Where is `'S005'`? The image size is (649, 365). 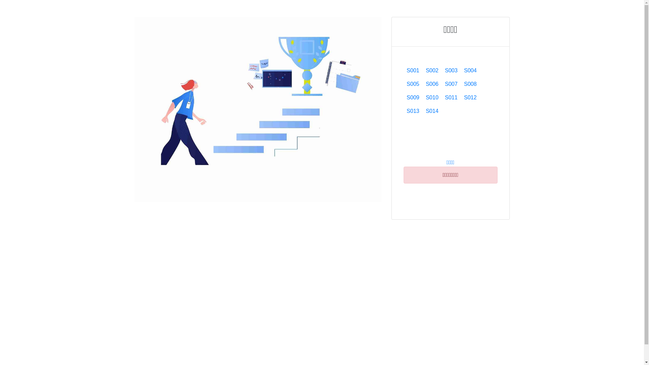
'S005' is located at coordinates (404, 84).